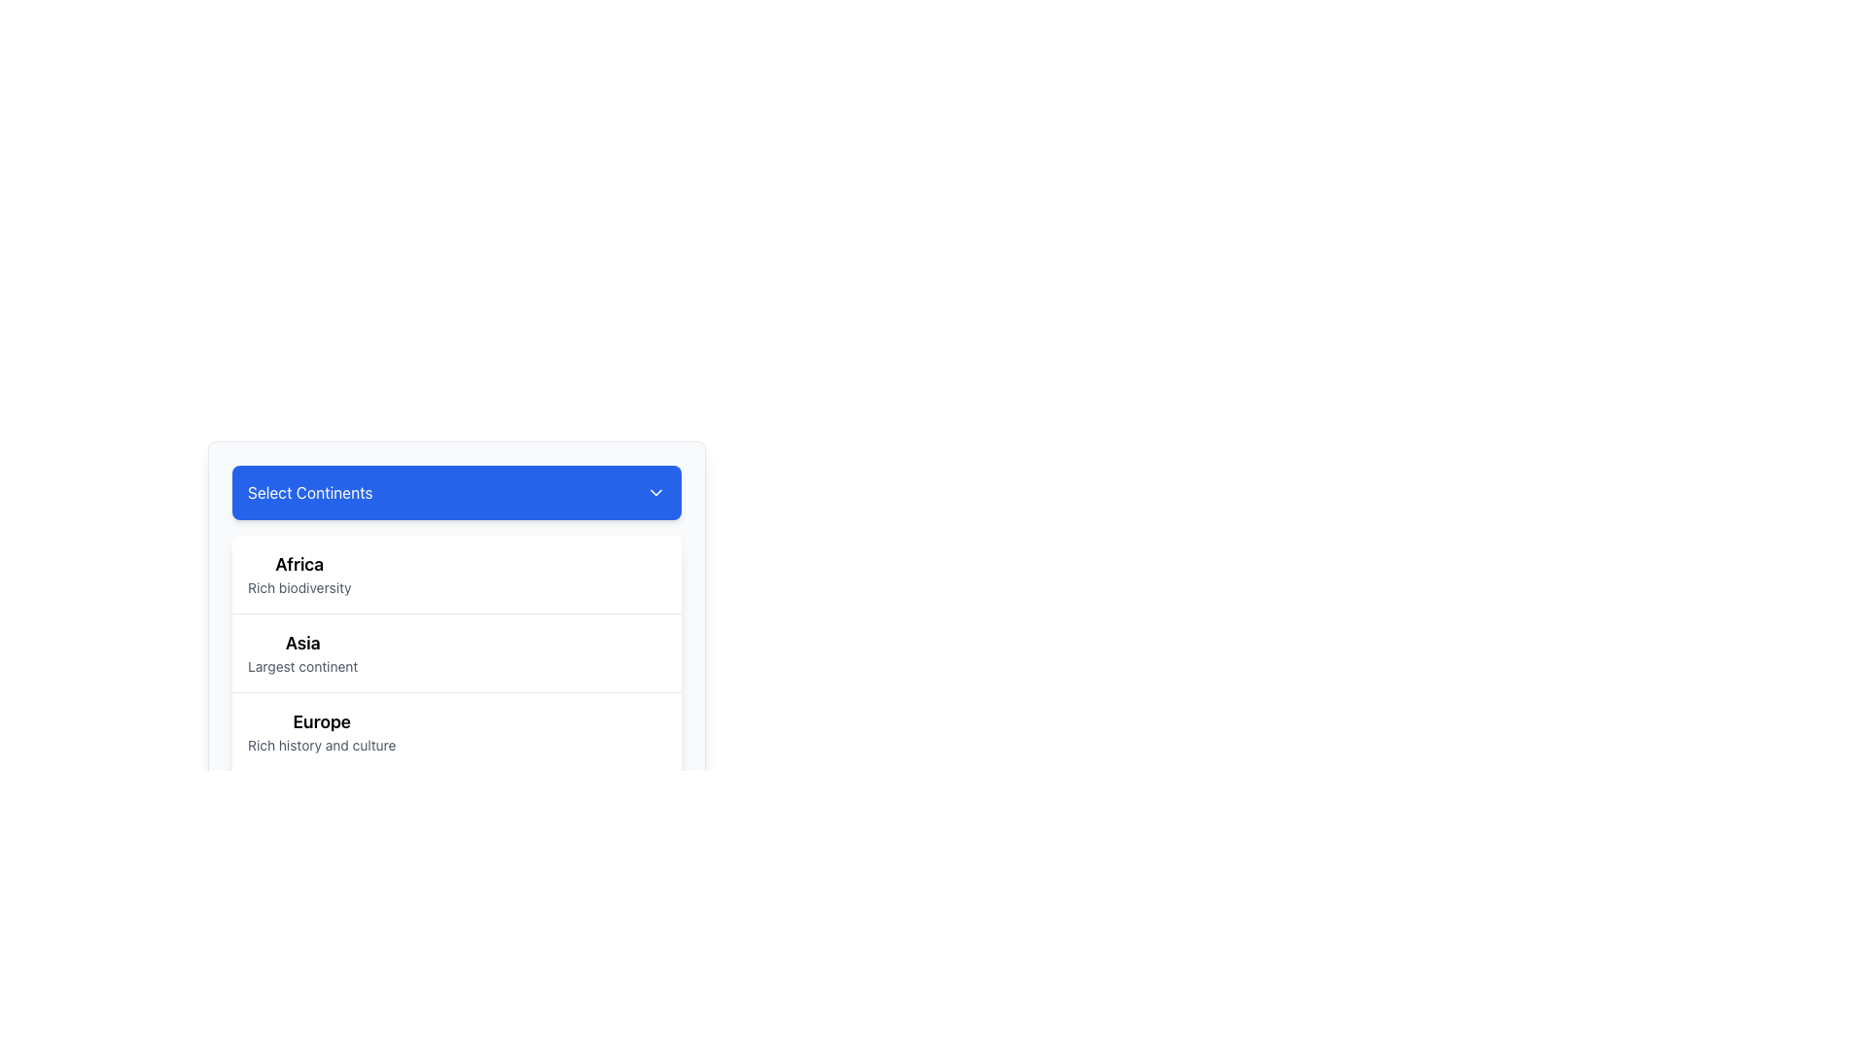 The width and height of the screenshot is (1867, 1050). Describe the element at coordinates (301, 652) in the screenshot. I see `the text option labeled 'Asia' in the dropdown list` at that location.